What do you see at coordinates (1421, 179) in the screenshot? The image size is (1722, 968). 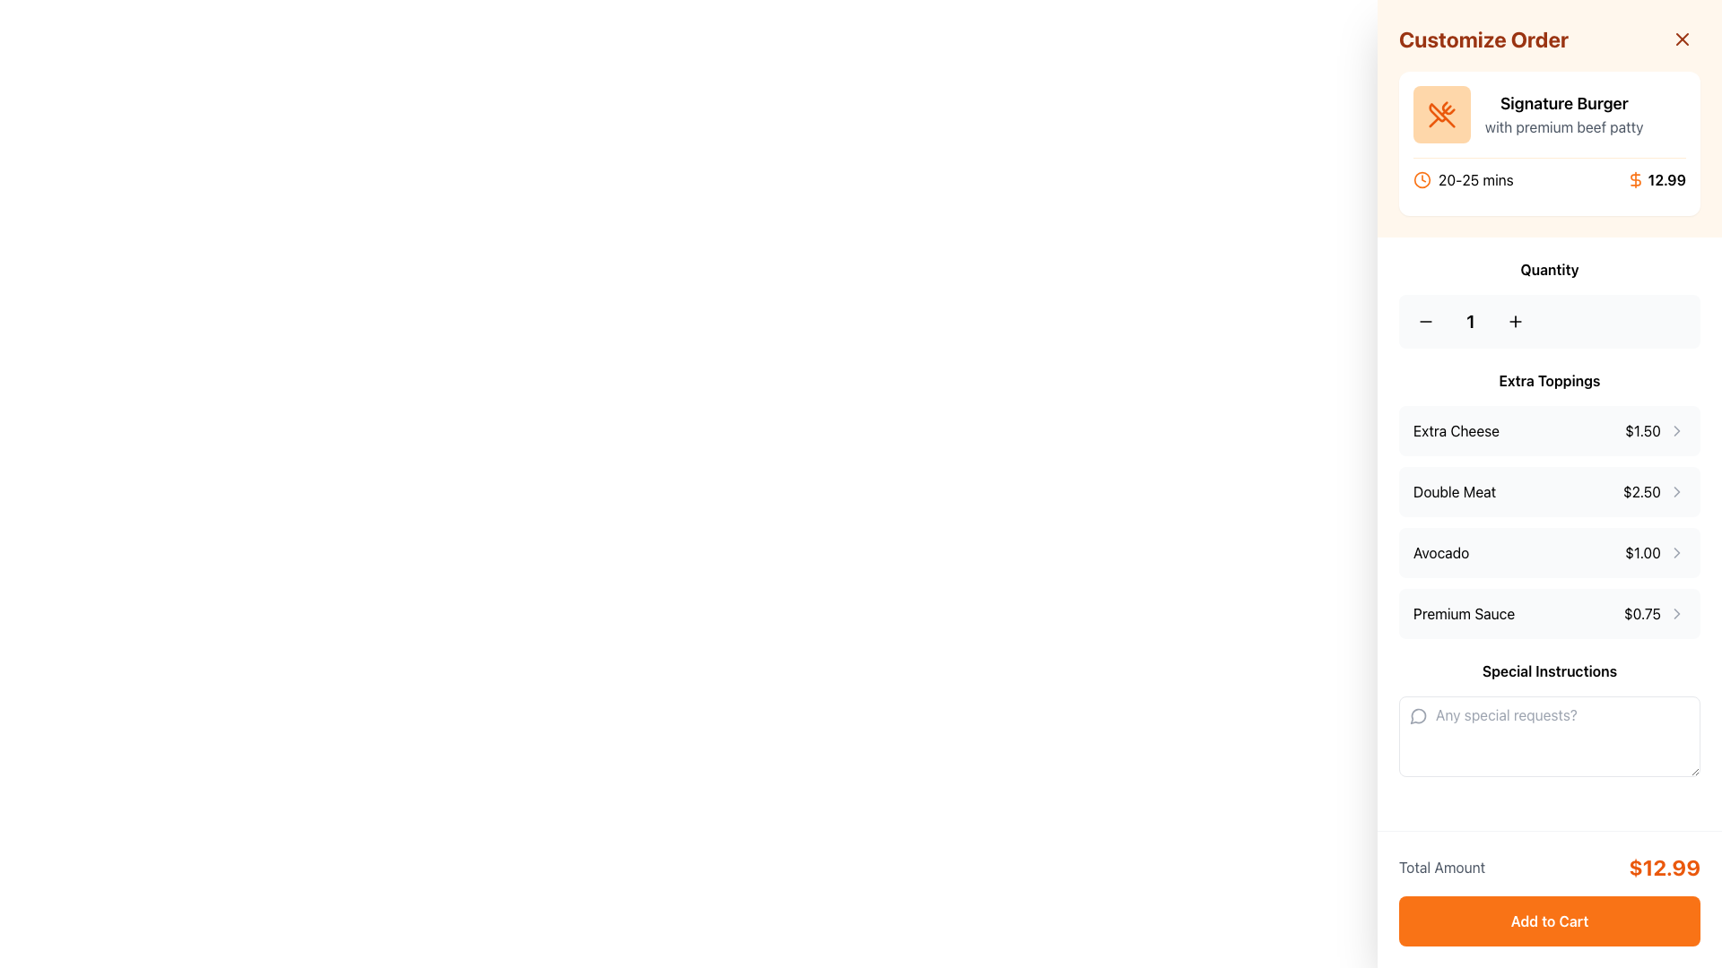 I see `the orange clock icon (SVG) located to the left of the text '20-25 mins' under the 'Customize Order' heading in the right panel` at bounding box center [1421, 179].